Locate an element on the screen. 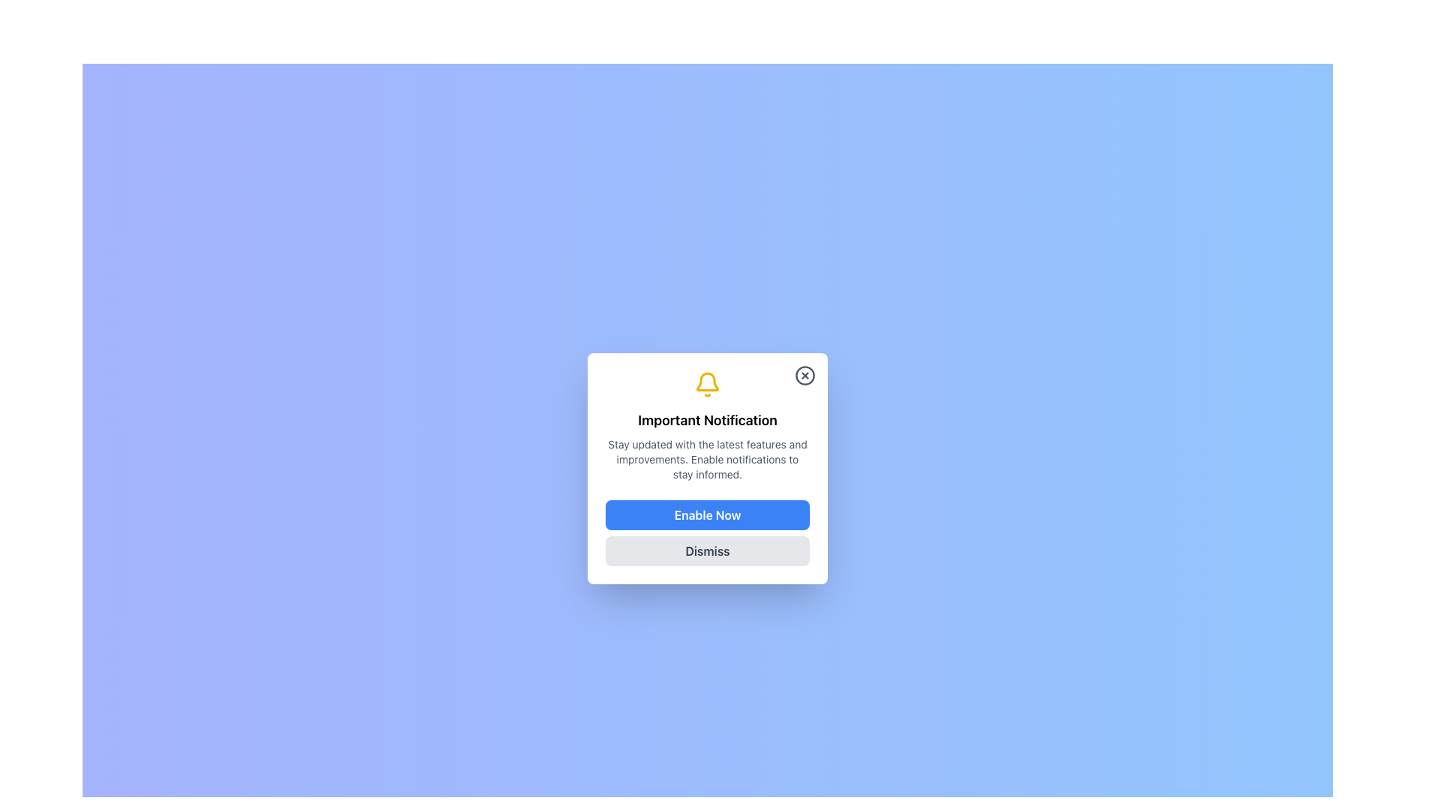 This screenshot has width=1441, height=810. the static text element that provides information about notifications, which is located below the title 'Important Notification' and above the buttons 'Enable Now' and 'Dismiss' is located at coordinates (706, 459).